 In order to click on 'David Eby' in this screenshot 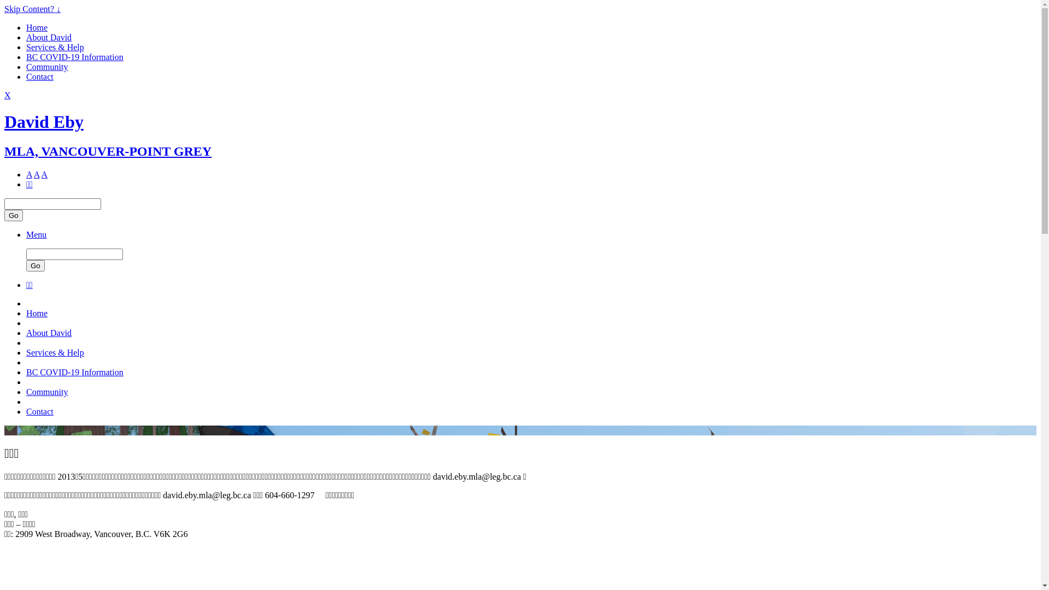, I will do `click(4, 122)`.